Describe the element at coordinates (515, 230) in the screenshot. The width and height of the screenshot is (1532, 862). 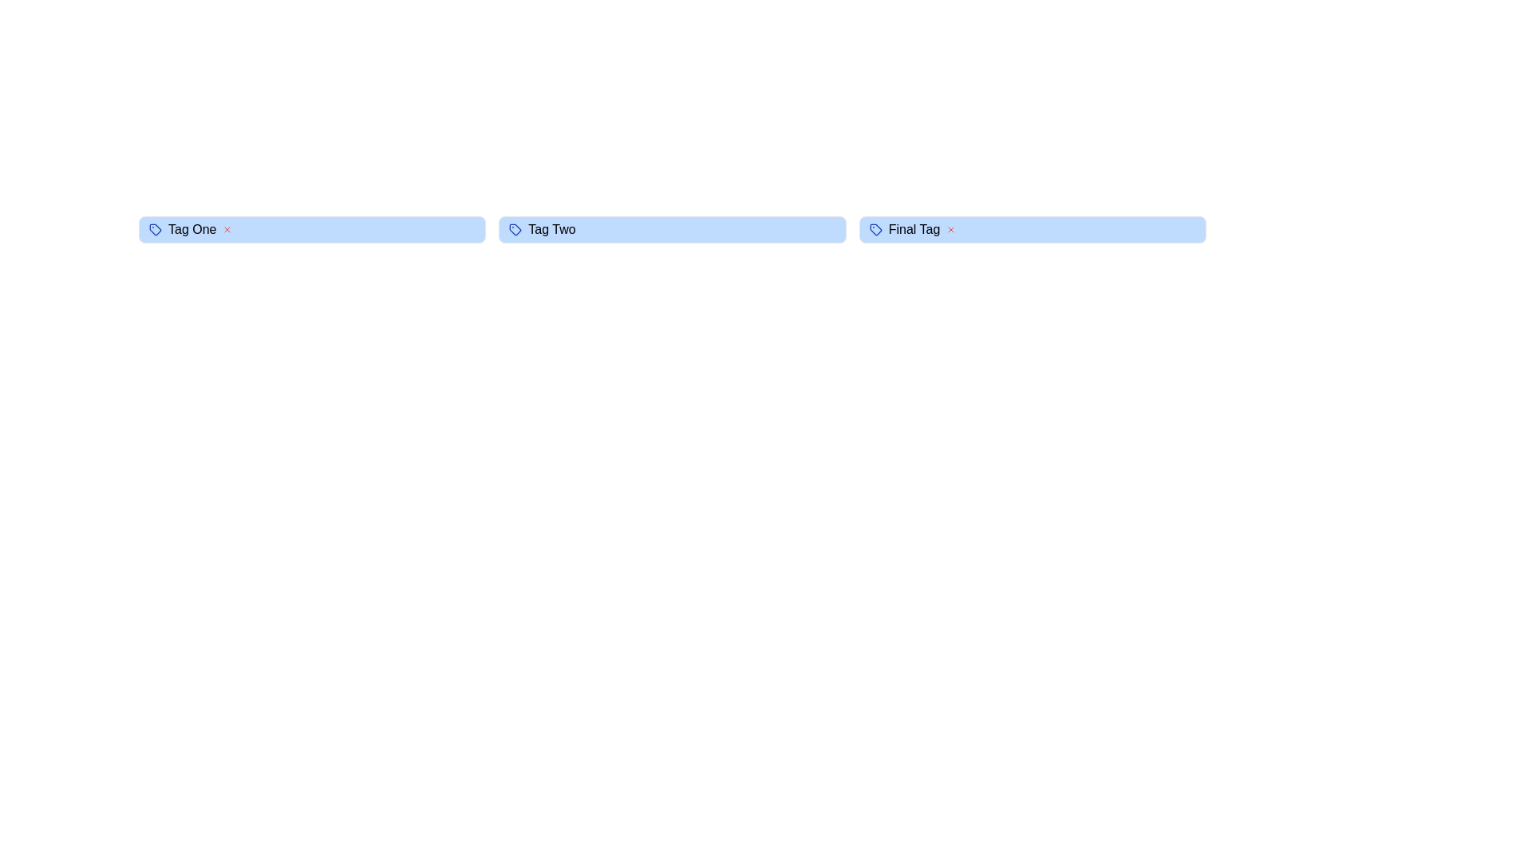
I see `the leftmost icon associated with the text label 'Tag Two'` at that location.